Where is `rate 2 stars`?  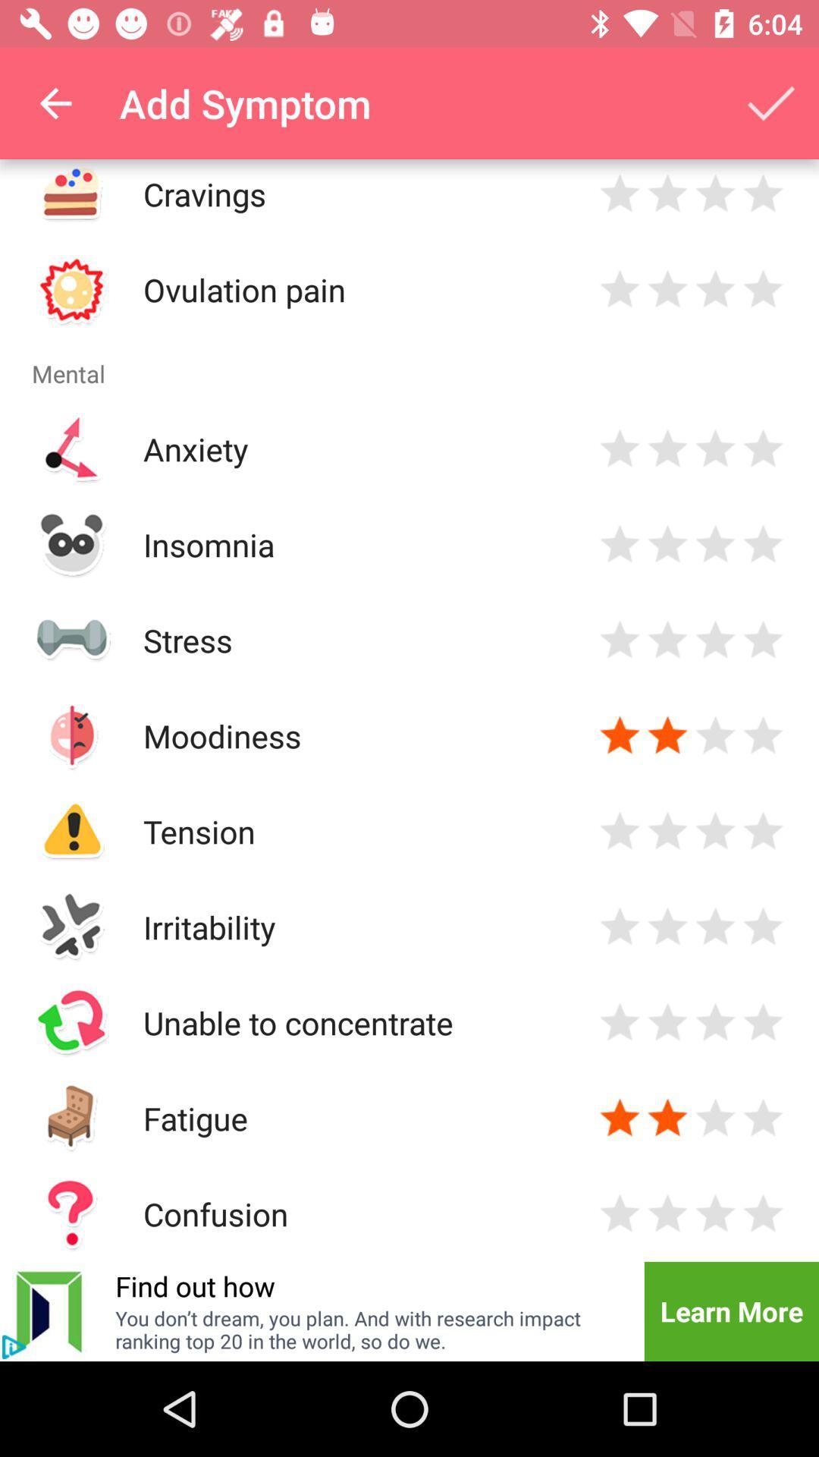
rate 2 stars is located at coordinates (667, 1022).